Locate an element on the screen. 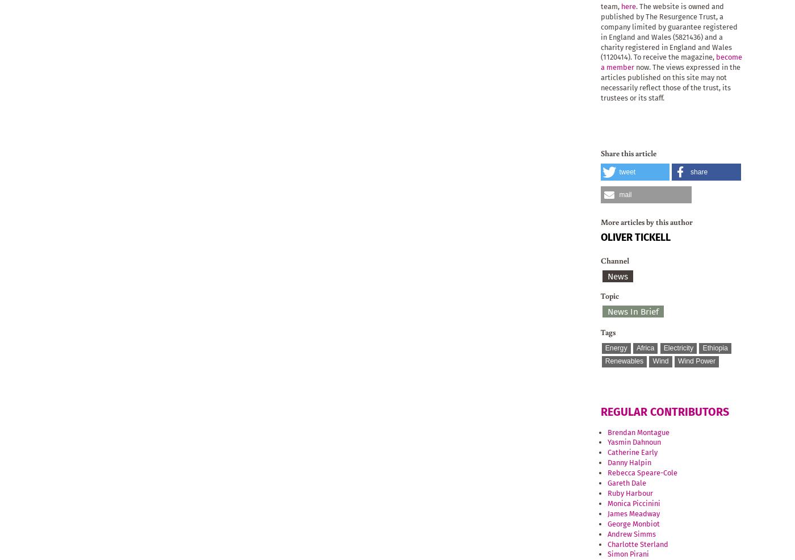  'Catherine Early' is located at coordinates (632, 452).